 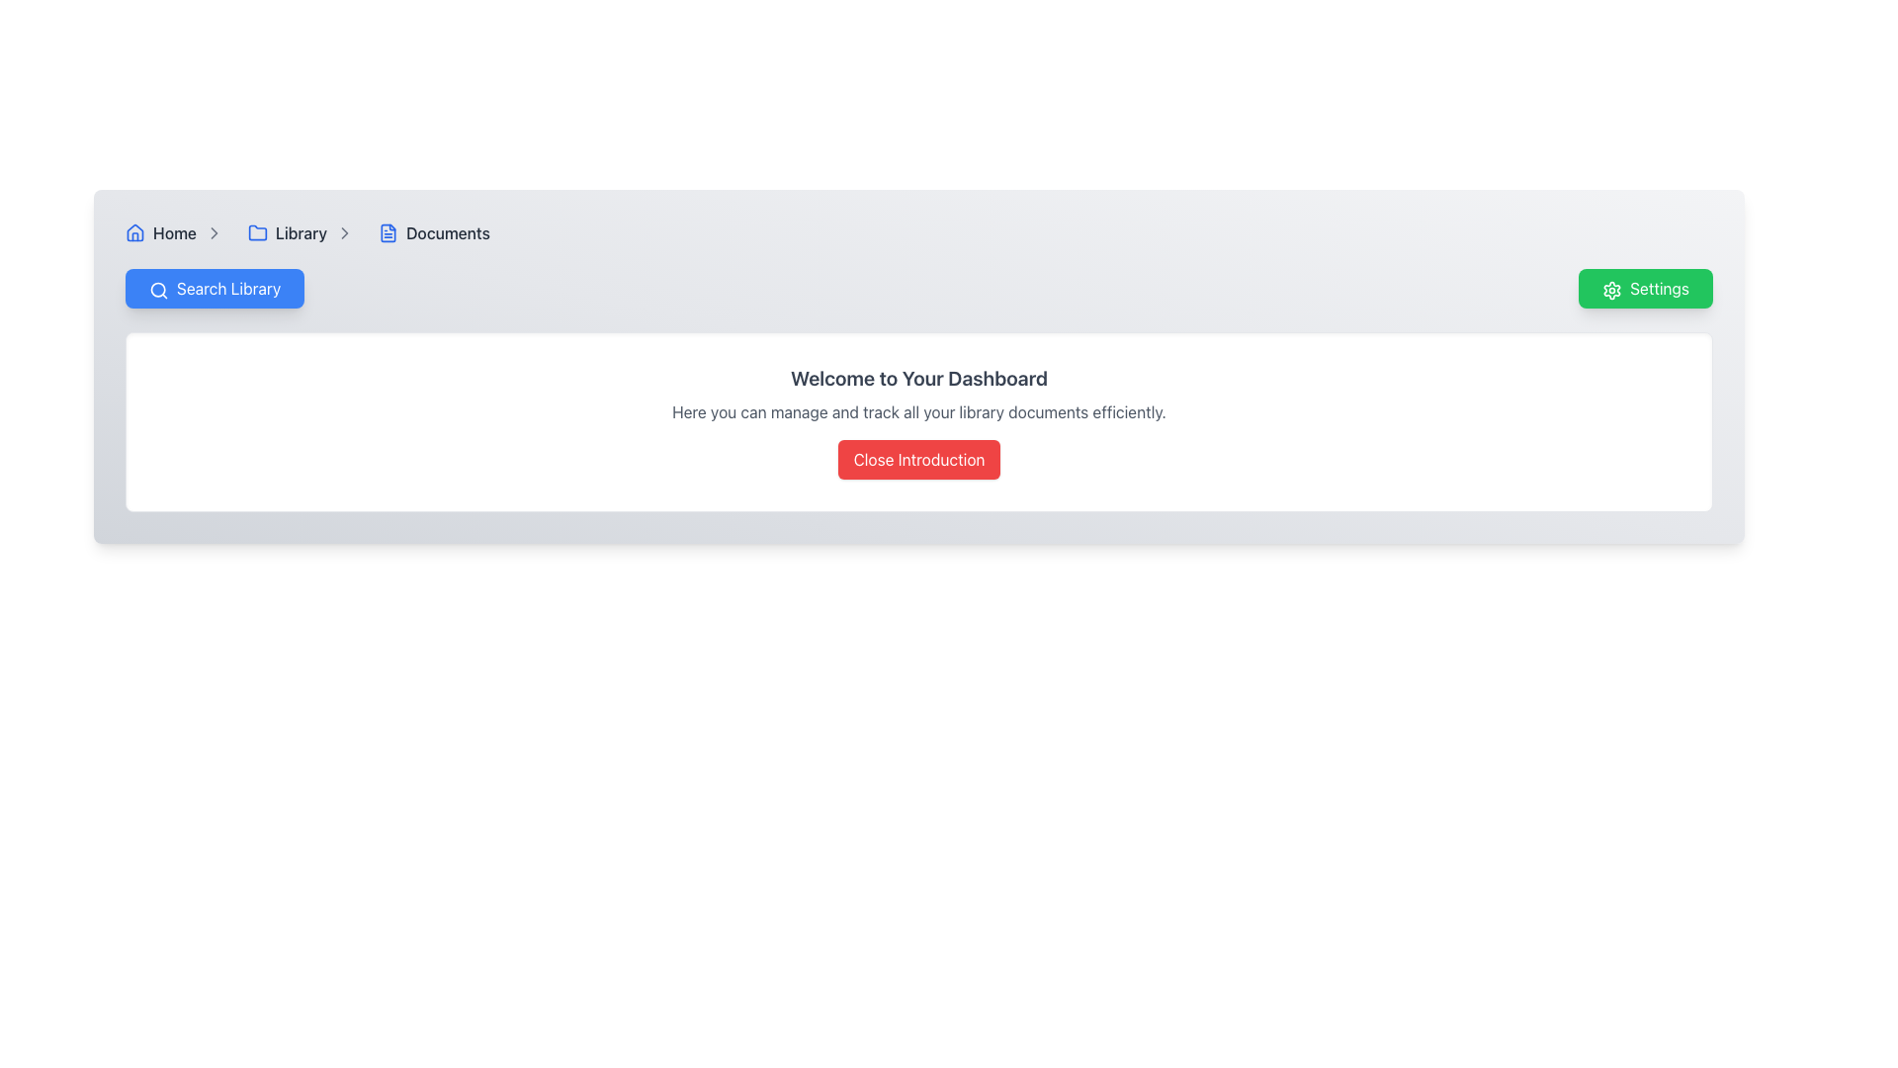 I want to click on the central circular feature of the search function icon within the 'Search Library' button located in the top-left section of the interface, so click(x=158, y=289).